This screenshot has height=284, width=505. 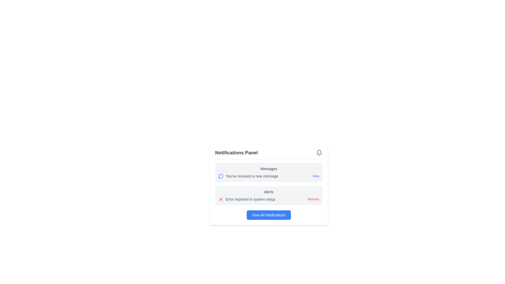 I want to click on the red 'X' icon located to the left of the text 'Error reported in system setup' in the alert section of the Notifications Panel, so click(x=221, y=199).